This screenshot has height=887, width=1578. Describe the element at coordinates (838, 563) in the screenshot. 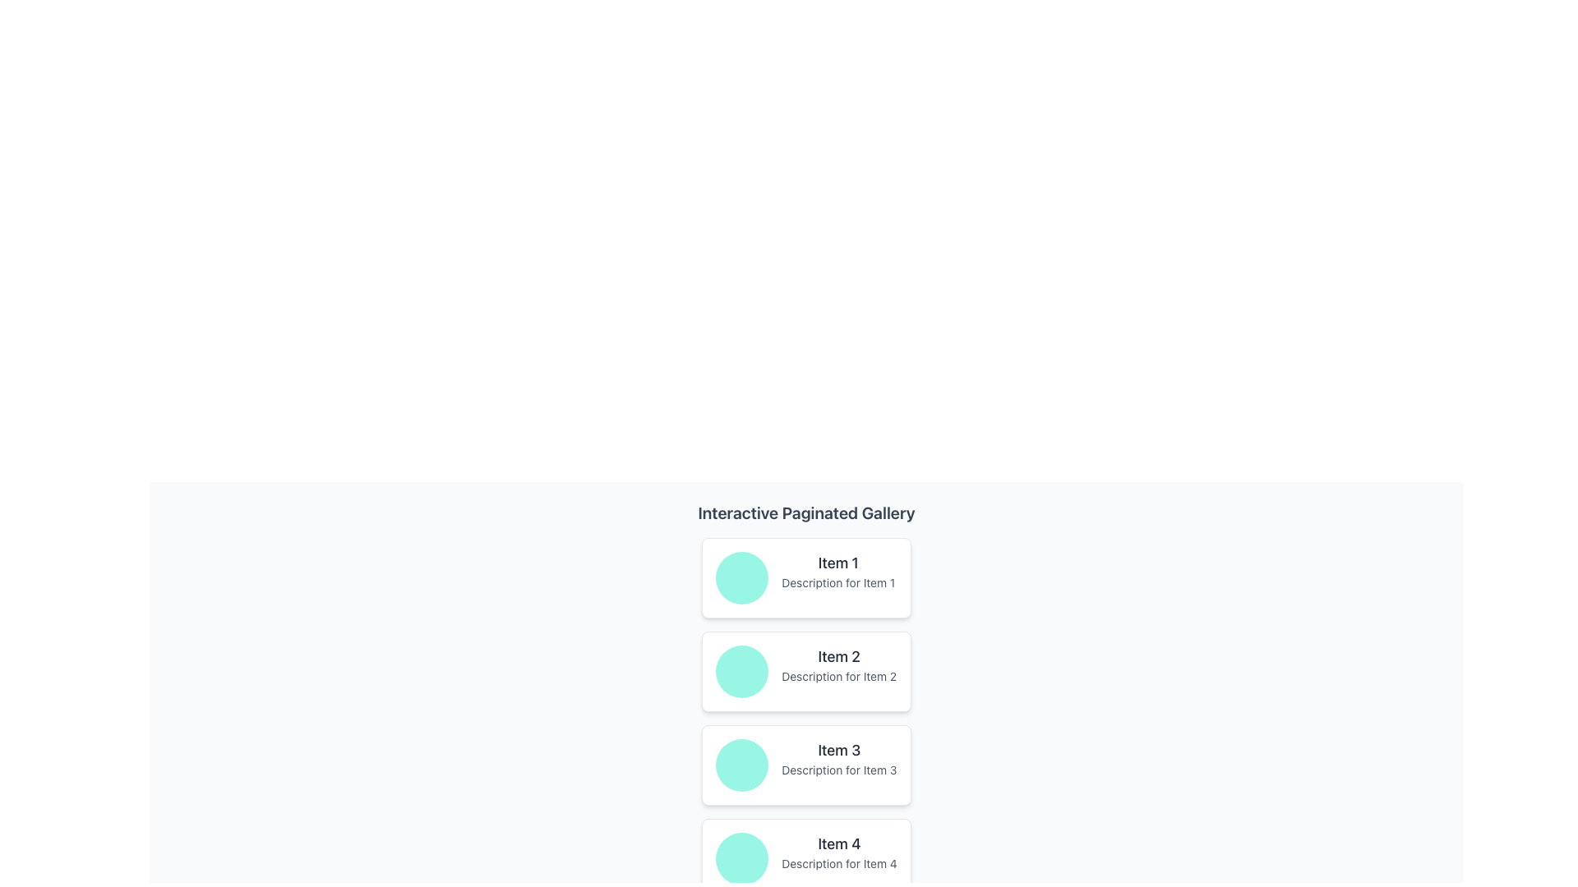

I see `the text label that serves as the title for the first item in the list, located in the top-left corner of its card, above the description text 'Description for Item 1'` at that location.